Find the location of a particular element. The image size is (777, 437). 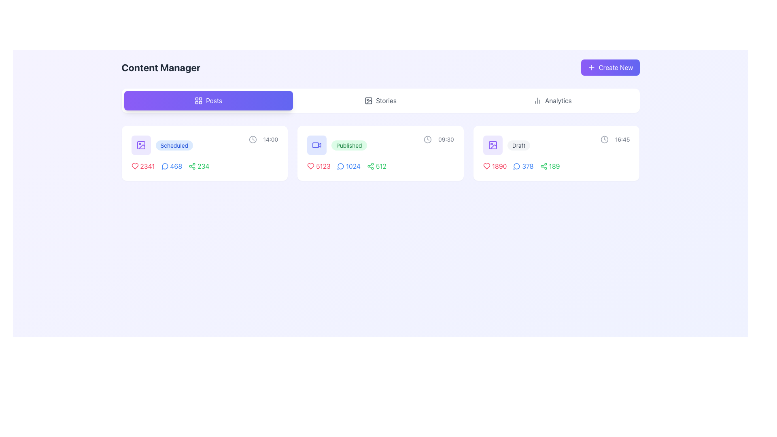

the number of interactions displayed by the blue chat bubble icon in the middle of the metrics group within the 'Draft' post card in the 'Posts' section is located at coordinates (523, 166).